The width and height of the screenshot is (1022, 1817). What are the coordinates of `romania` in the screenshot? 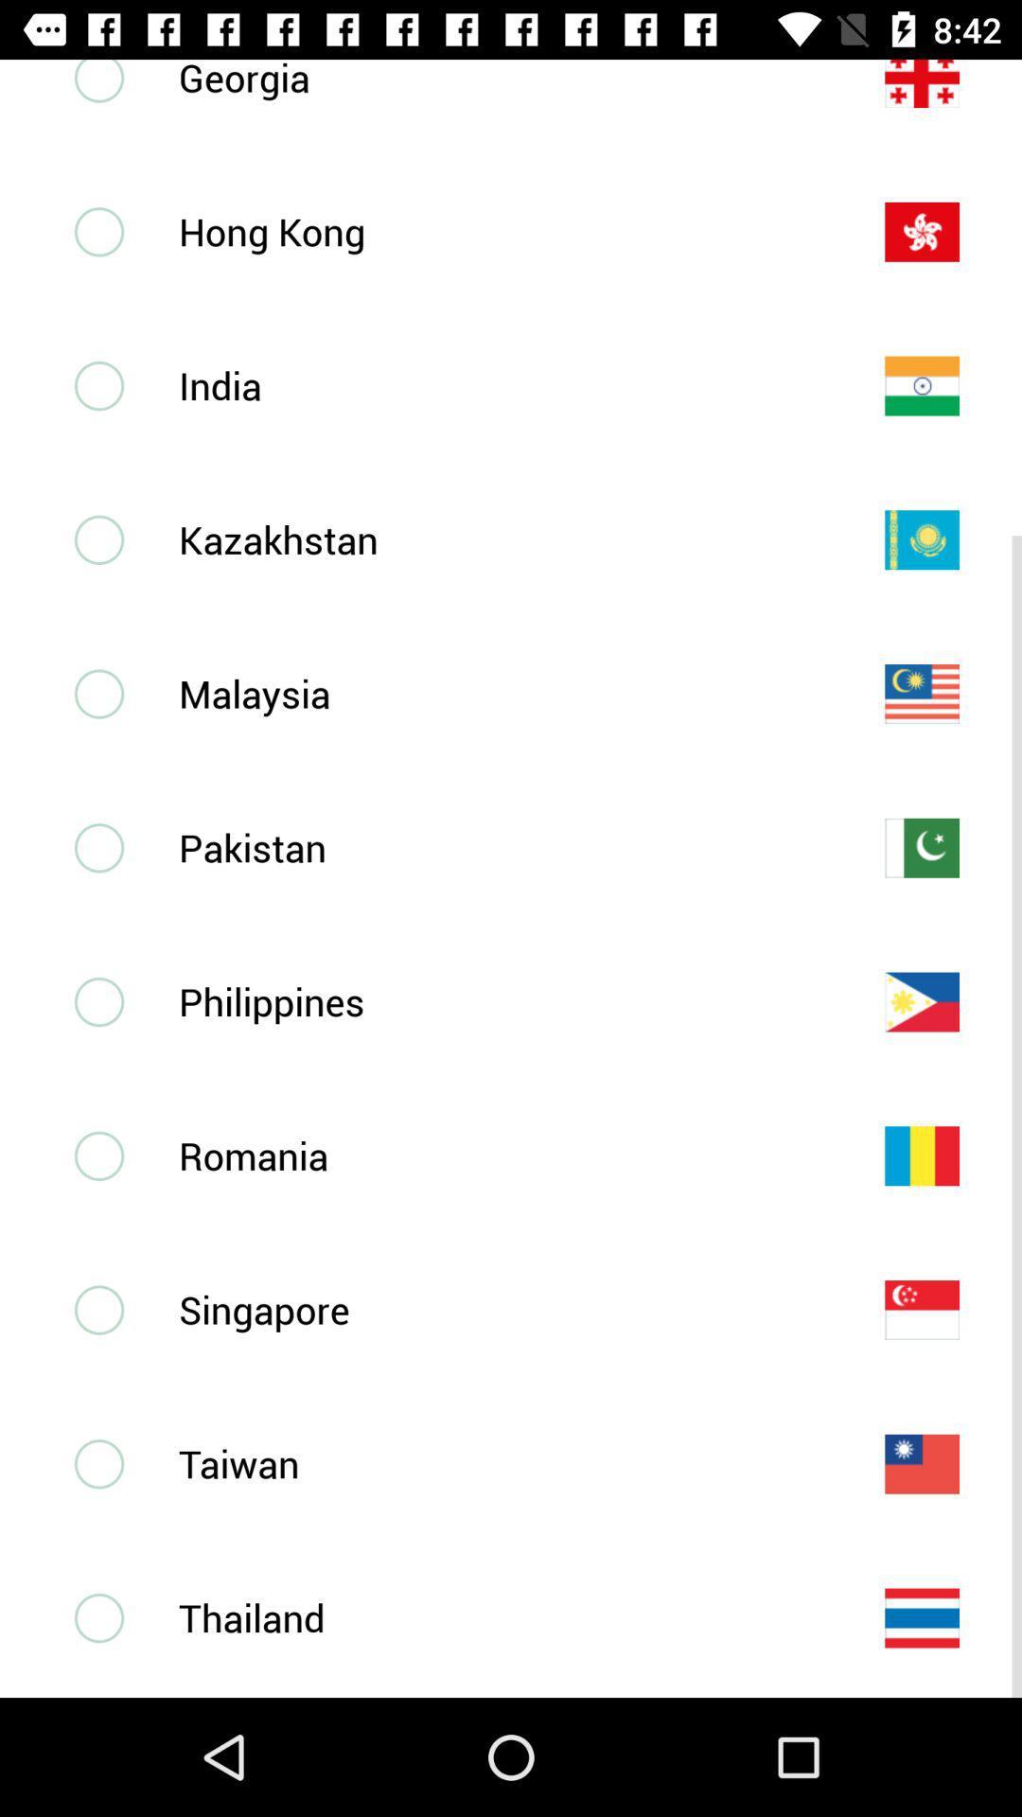 It's located at (500, 1155).